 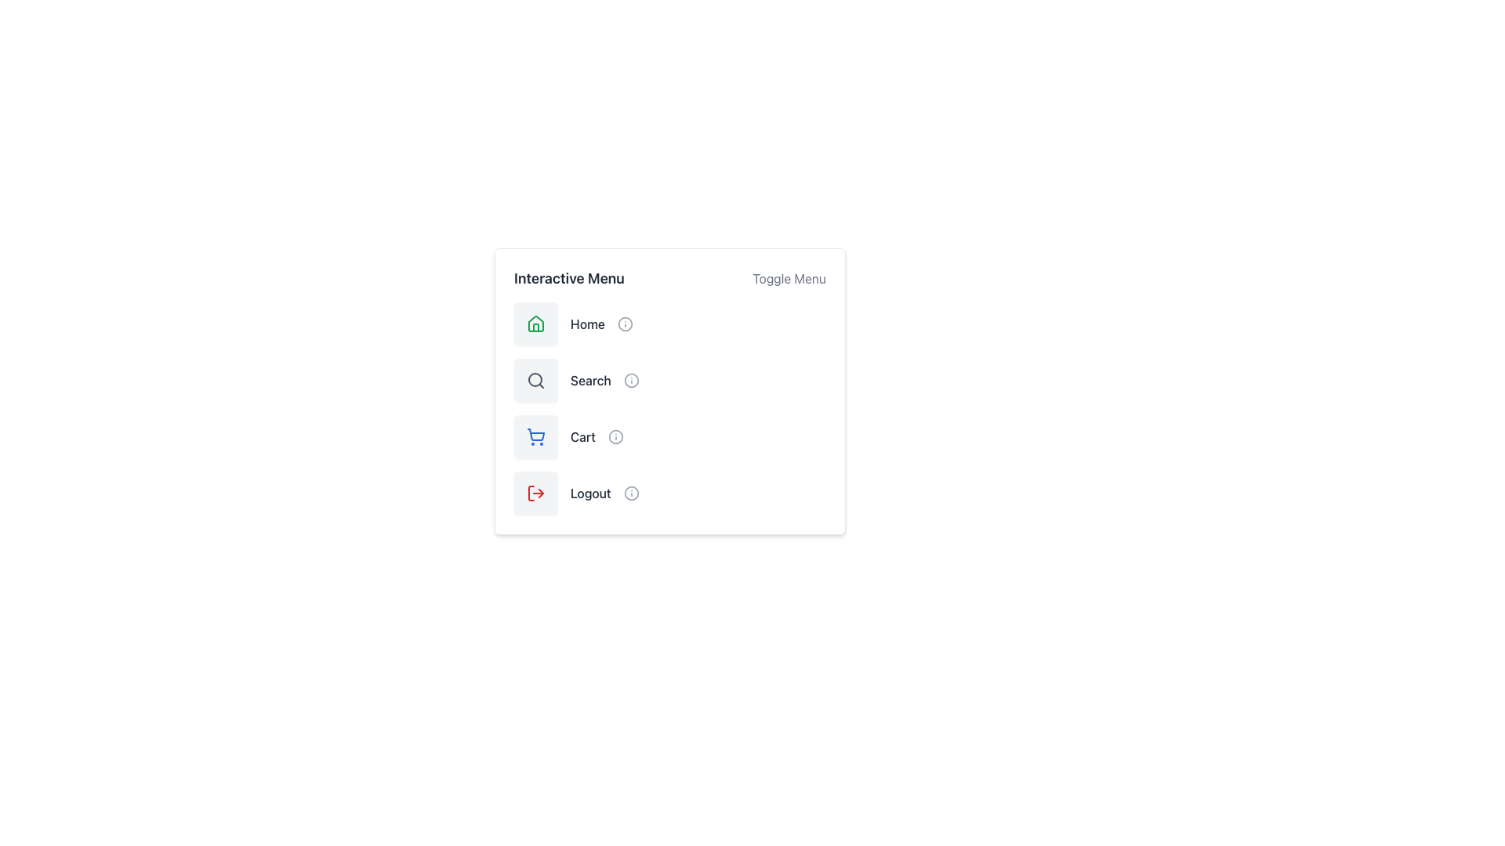 I want to click on the green house icon in the interactive menu card, so click(x=536, y=322).